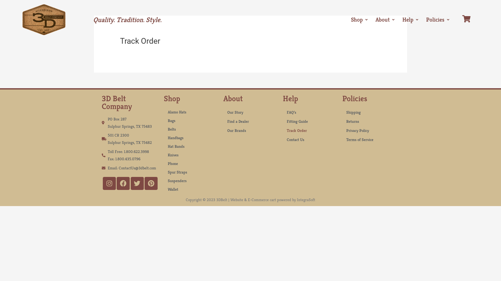 This screenshot has height=281, width=501. Describe the element at coordinates (342, 139) in the screenshot. I see `'Terms of Service'` at that location.